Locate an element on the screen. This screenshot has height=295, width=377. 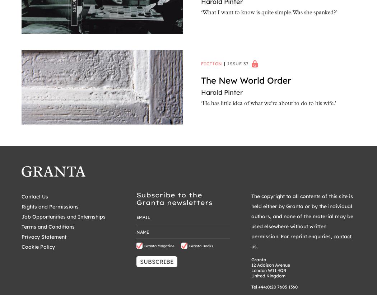
'|' is located at coordinates (225, 63).